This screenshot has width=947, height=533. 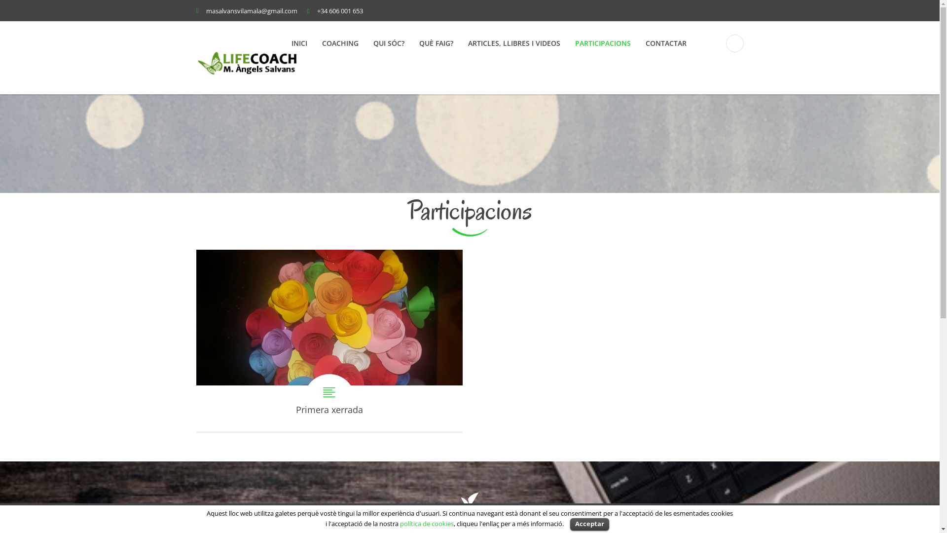 I want to click on 'CONTACTAR', so click(x=665, y=42).